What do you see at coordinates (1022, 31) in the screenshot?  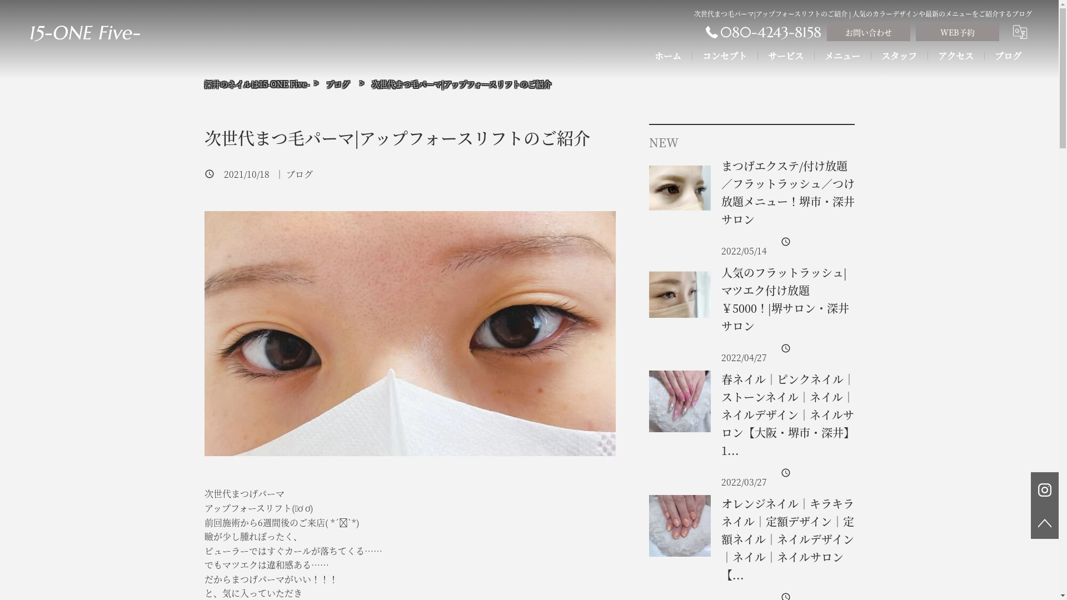 I see `'translate'` at bounding box center [1022, 31].